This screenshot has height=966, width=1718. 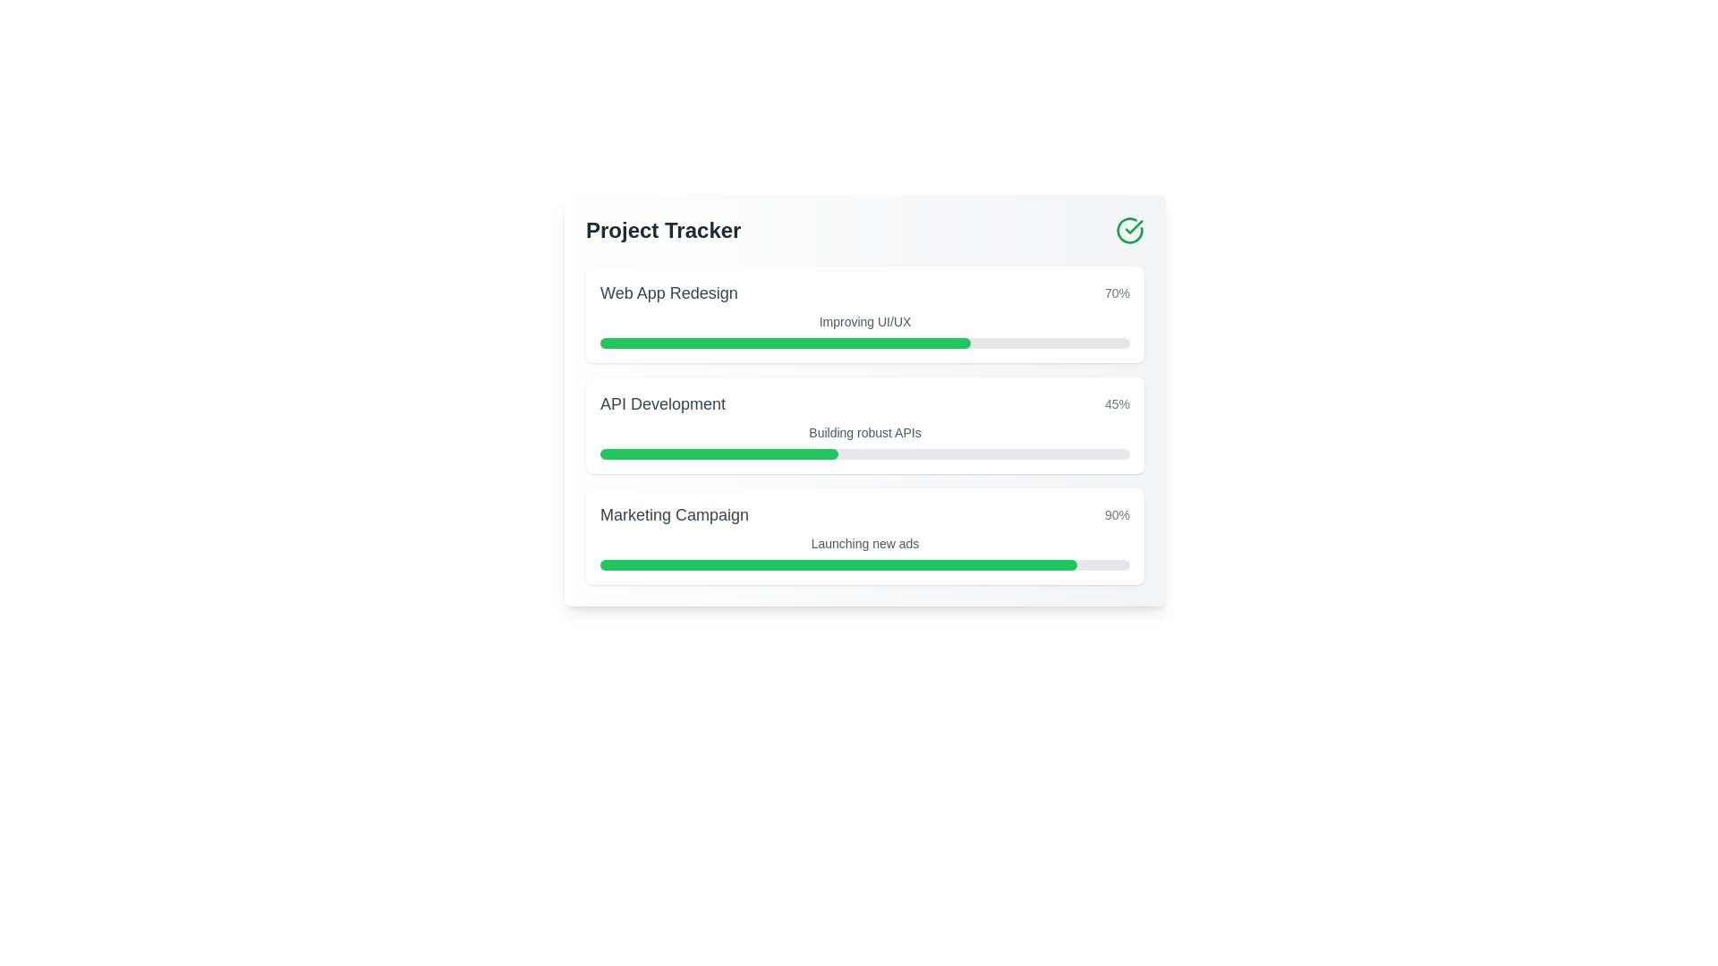 What do you see at coordinates (1116, 514) in the screenshot?
I see `content displayed in the small text component showing '90%' in light gray, located at the right edge of the 'Marketing Campaign' section` at bounding box center [1116, 514].